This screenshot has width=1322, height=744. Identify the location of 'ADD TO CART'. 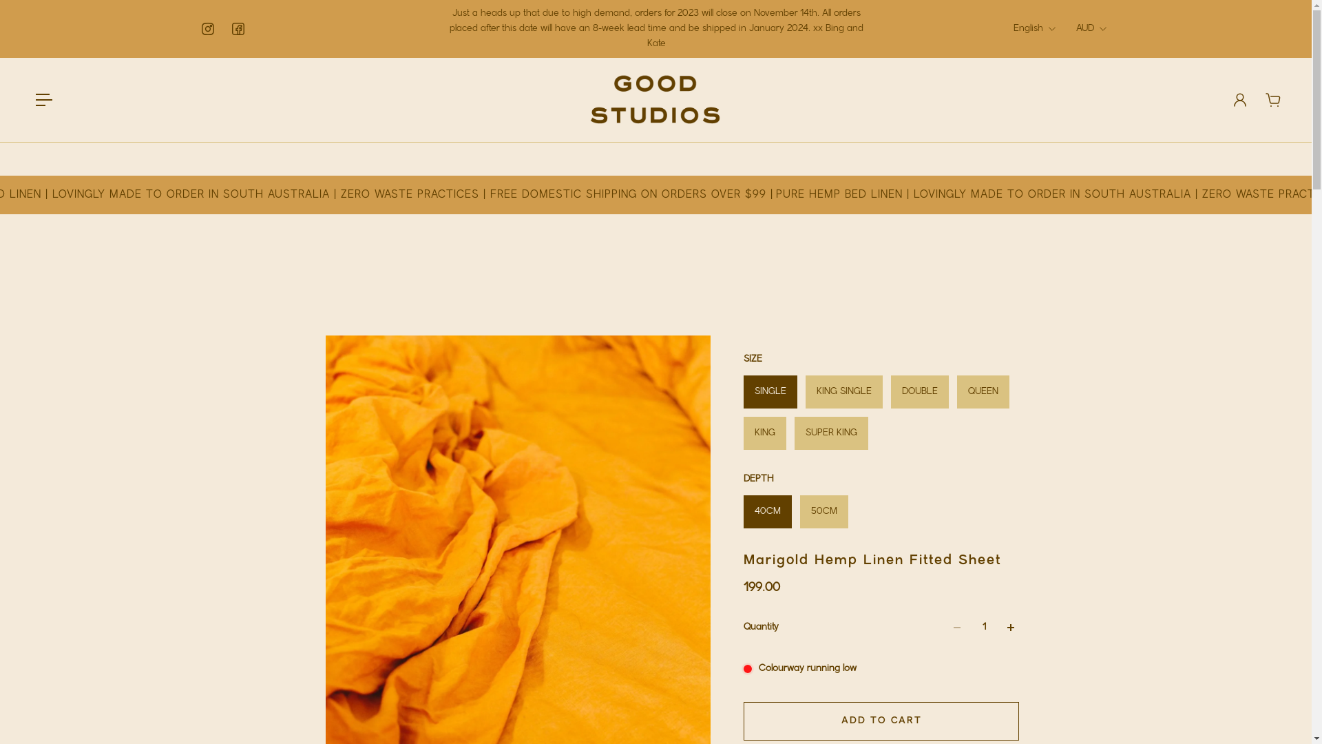
(881, 720).